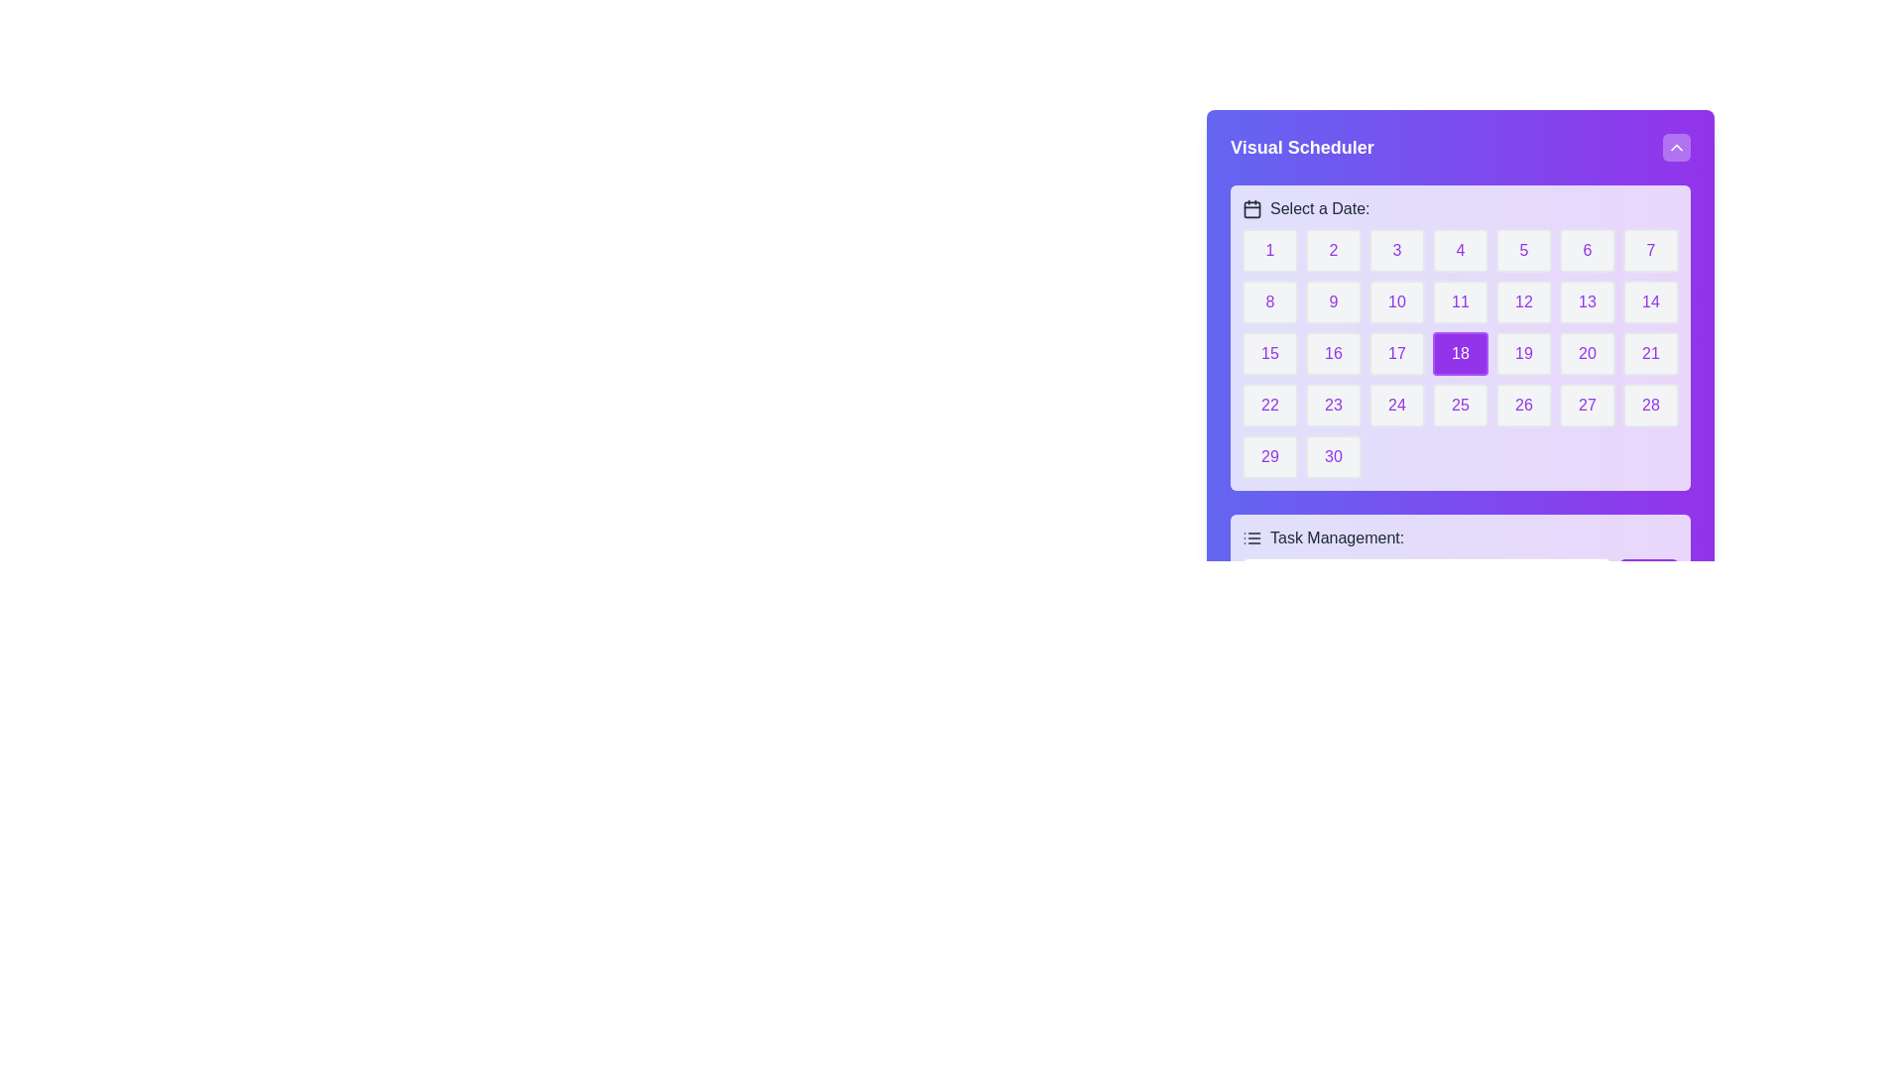 The image size is (1904, 1071). I want to click on the button representing the date '25' in the calendar interface, so click(1461, 404).